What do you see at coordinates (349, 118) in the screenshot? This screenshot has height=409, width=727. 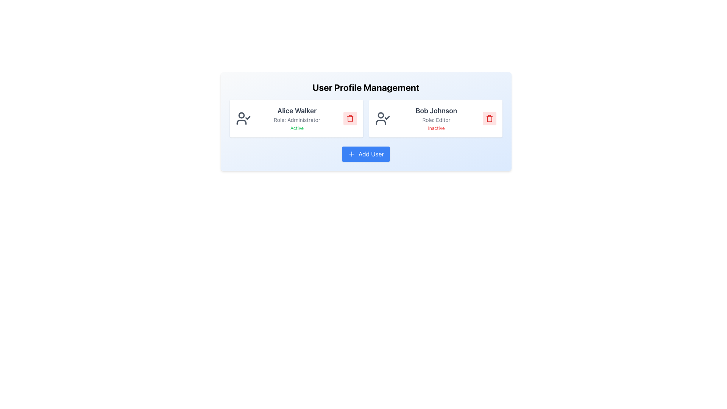 I see `the delete button associated with the user profile 'Alice Walker'` at bounding box center [349, 118].